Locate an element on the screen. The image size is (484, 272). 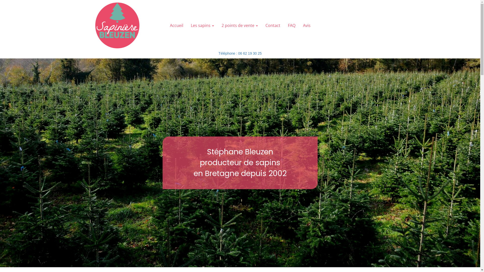
'Avis' is located at coordinates (306, 25).